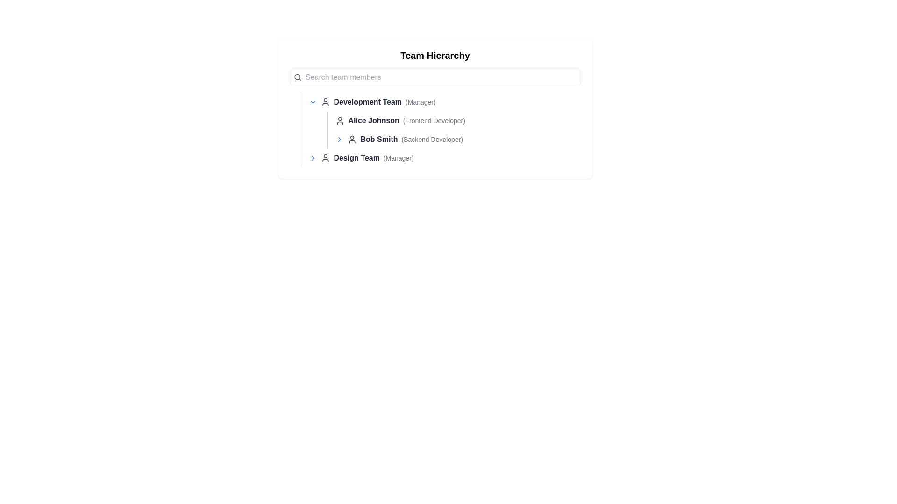 Image resolution: width=897 pixels, height=504 pixels. I want to click on the member entry containing user information for 'Bob Smith', so click(454, 130).